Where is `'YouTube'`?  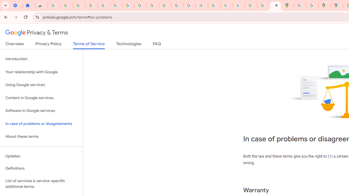
'YouTube' is located at coordinates (153, 5).